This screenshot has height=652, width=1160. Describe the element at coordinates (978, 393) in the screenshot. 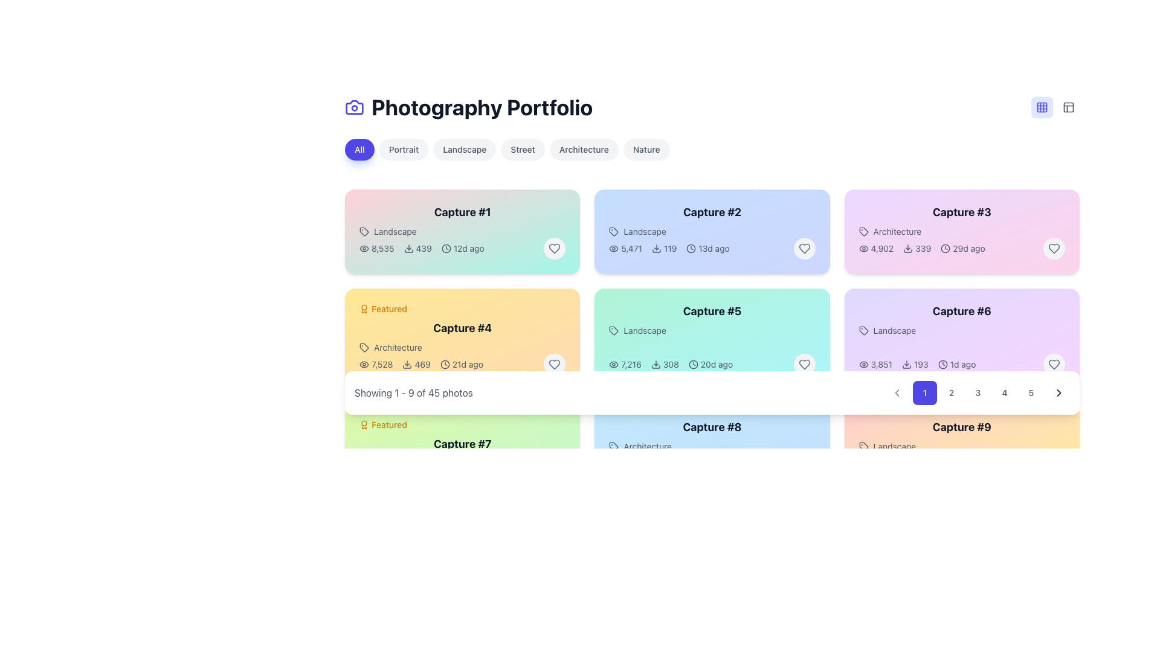

I see `the third button in the horizontal pagination bar` at that location.